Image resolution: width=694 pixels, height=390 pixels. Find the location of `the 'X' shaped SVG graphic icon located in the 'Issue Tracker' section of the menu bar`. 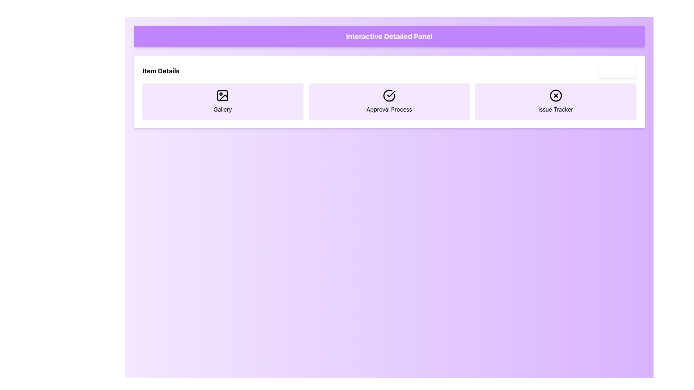

the 'X' shaped SVG graphic icon located in the 'Issue Tracker' section of the menu bar is located at coordinates (555, 95).